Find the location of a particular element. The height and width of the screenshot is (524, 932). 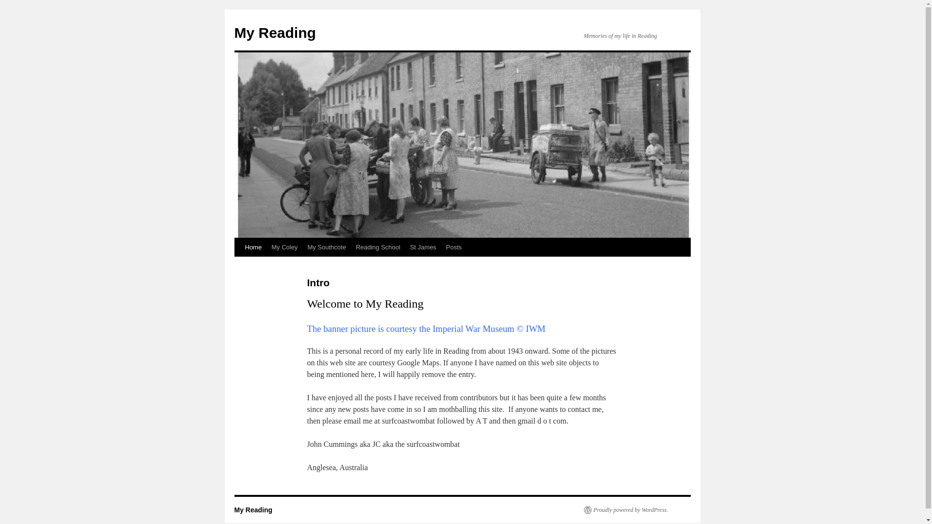

'Home' is located at coordinates (253, 246).